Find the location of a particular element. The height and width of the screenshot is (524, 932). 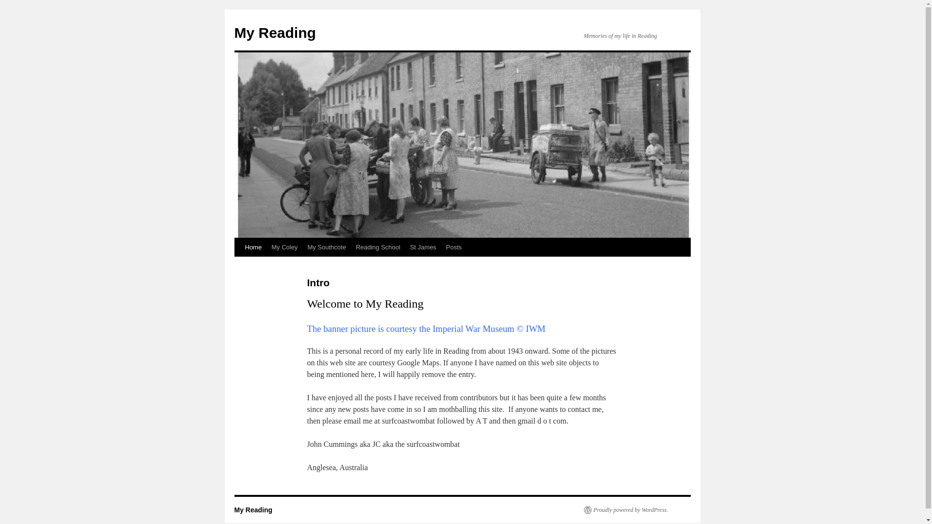

'Home' is located at coordinates (253, 246).